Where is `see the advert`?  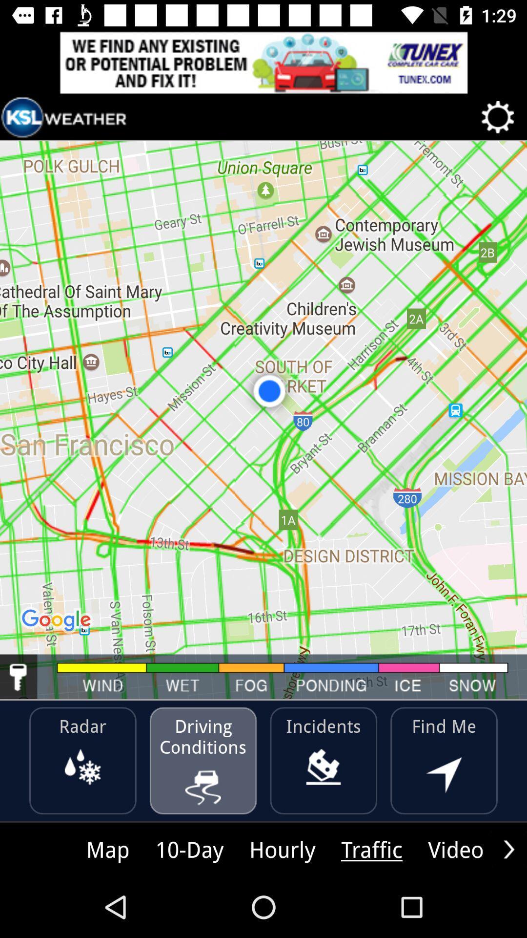
see the advert is located at coordinates (263, 62).